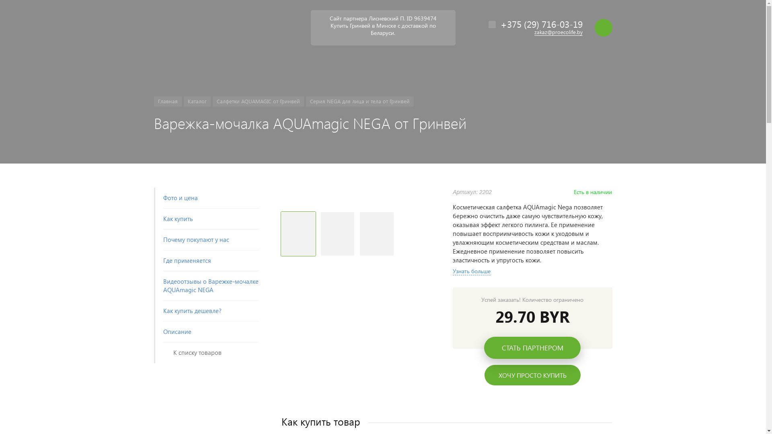 The image size is (772, 434). Describe the element at coordinates (557, 32) in the screenshot. I see `'zakaz@proecolife.by'` at that location.